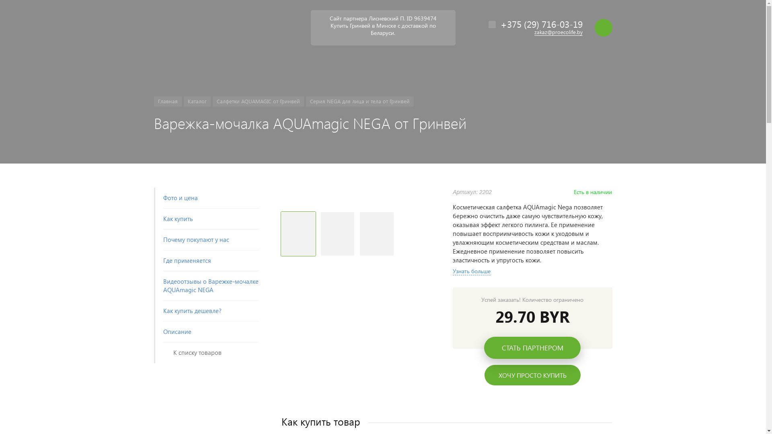 The image size is (772, 434). Describe the element at coordinates (557, 32) in the screenshot. I see `'zakaz@proecolife.by'` at that location.